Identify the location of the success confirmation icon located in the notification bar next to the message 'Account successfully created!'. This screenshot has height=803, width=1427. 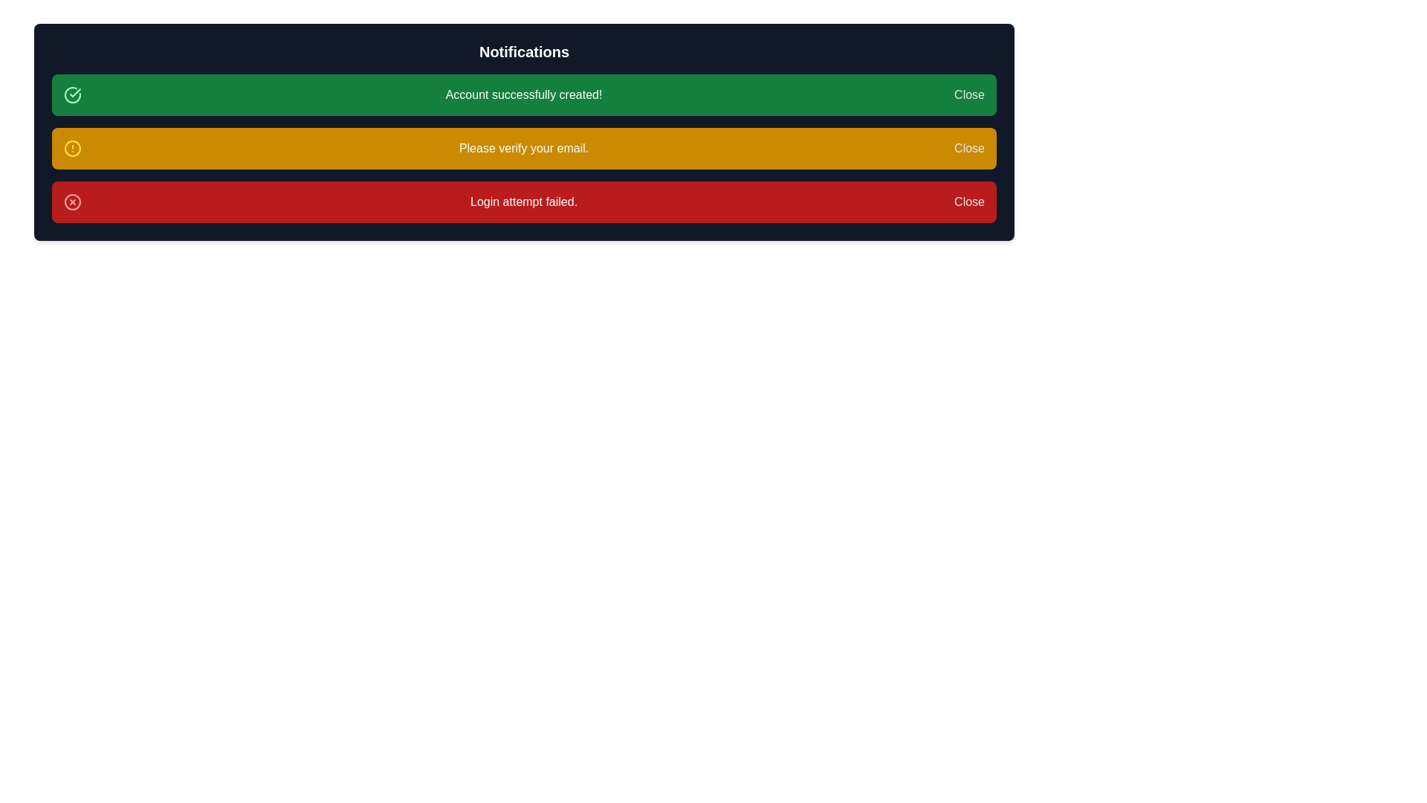
(71, 94).